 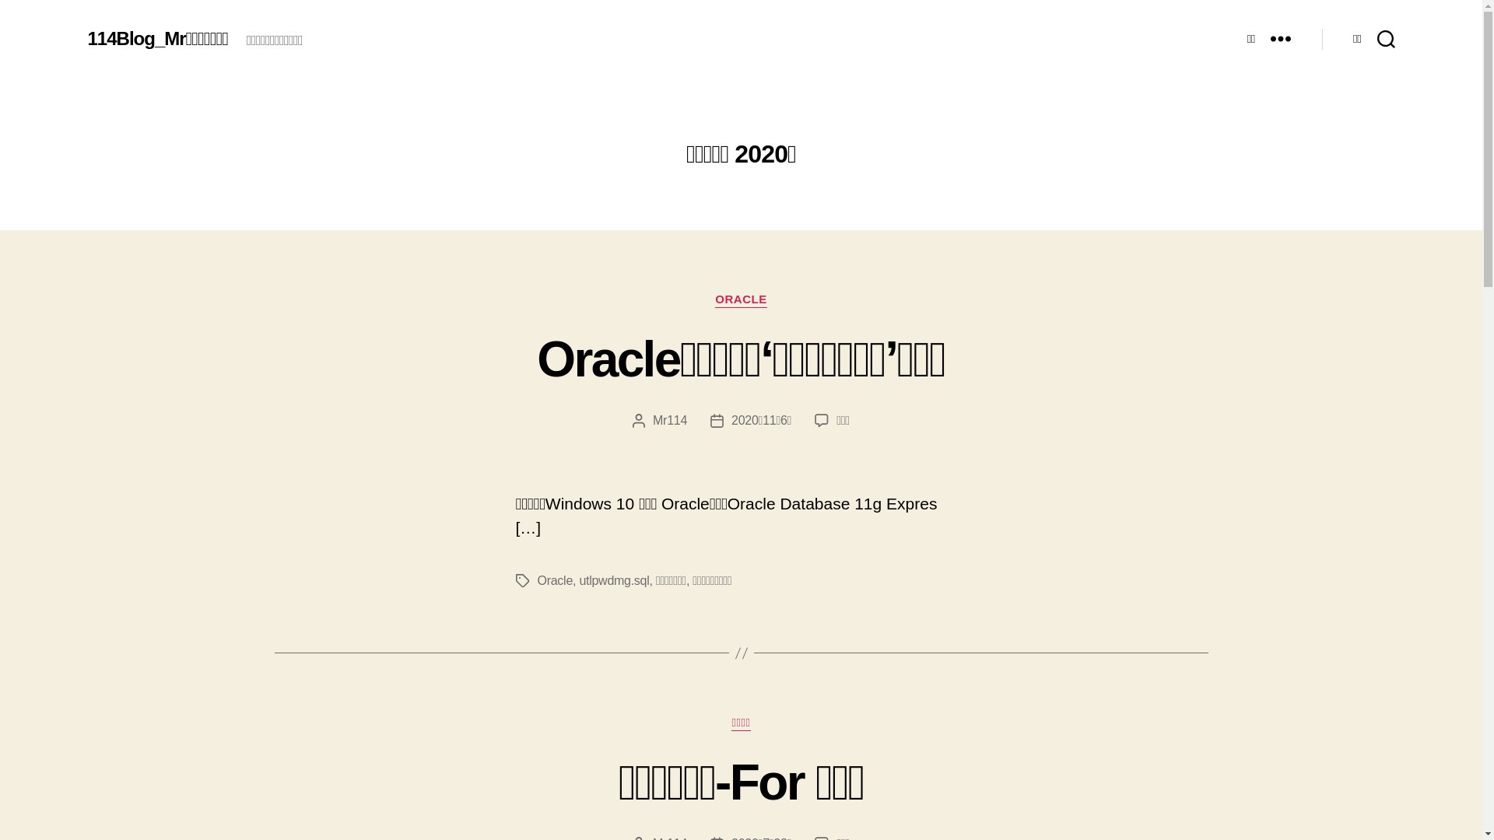 What do you see at coordinates (740, 299) in the screenshot?
I see `'ORACLE'` at bounding box center [740, 299].